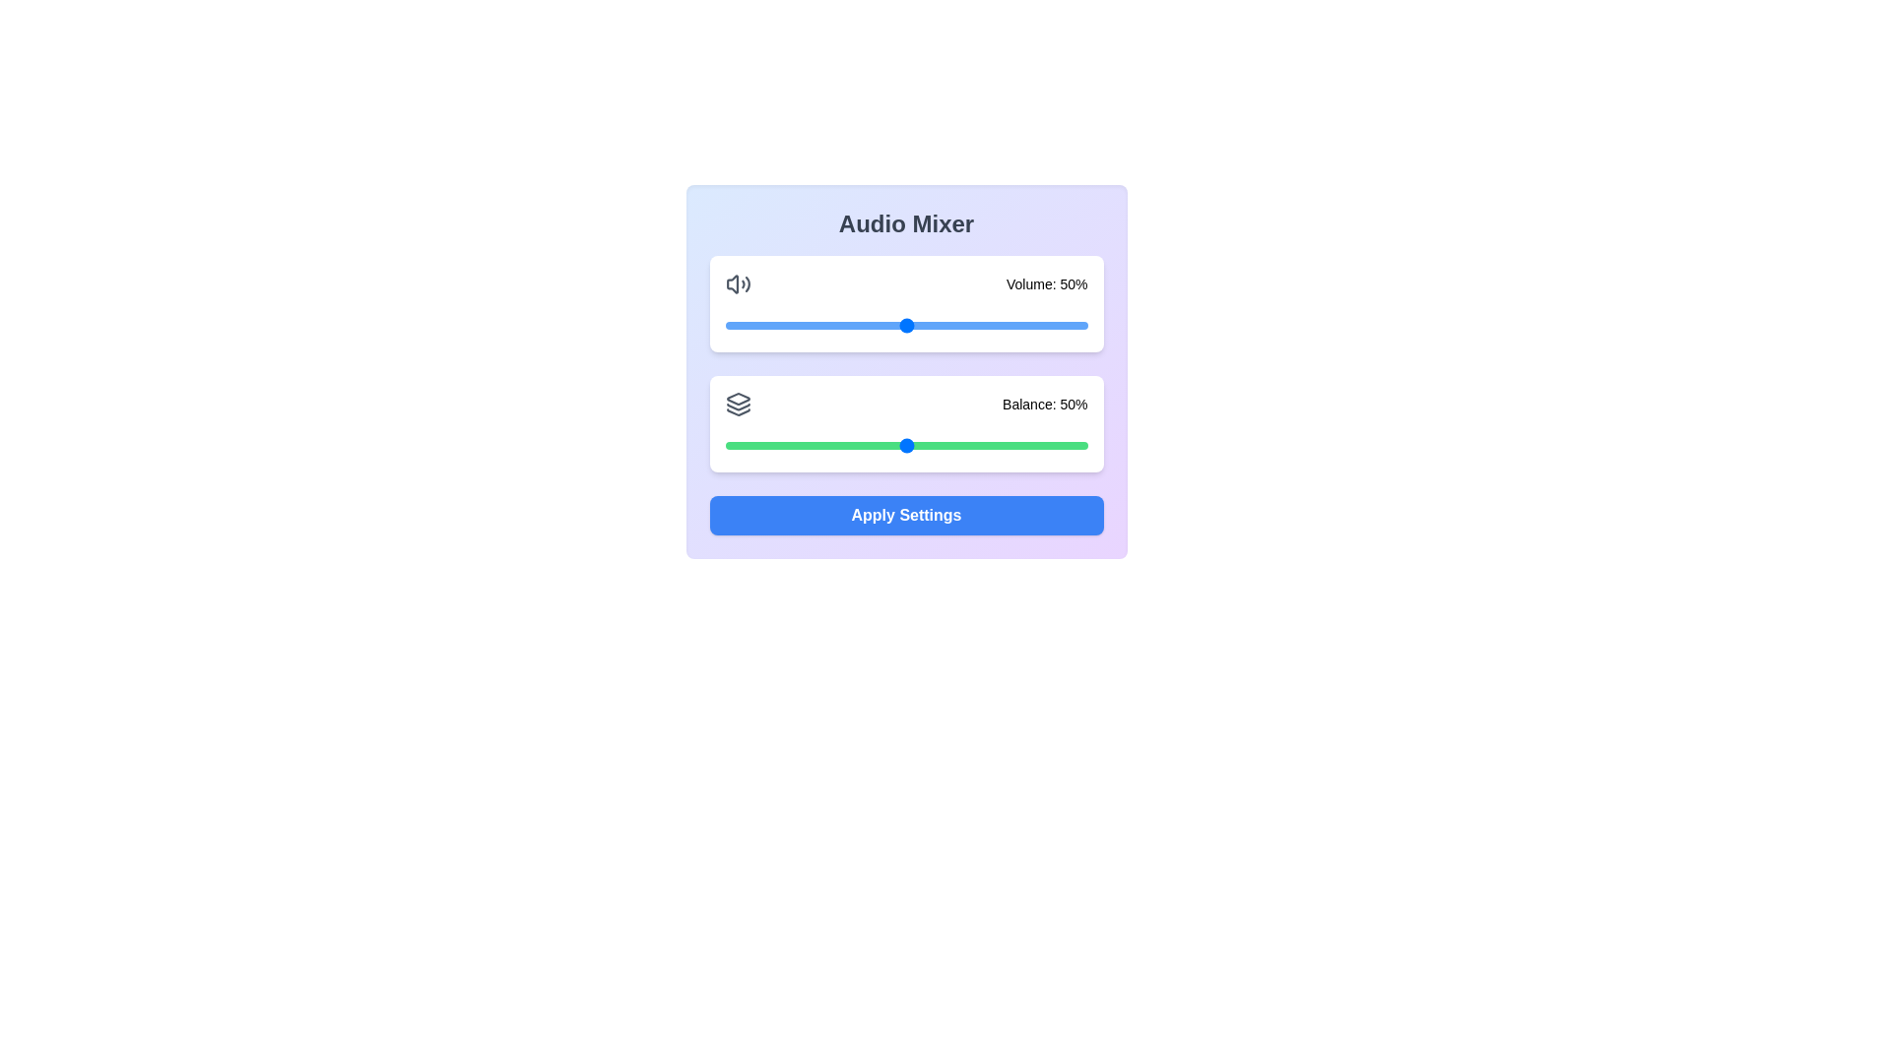  What do you see at coordinates (1054, 445) in the screenshot?
I see `the balance to 91% by interacting with the slider` at bounding box center [1054, 445].